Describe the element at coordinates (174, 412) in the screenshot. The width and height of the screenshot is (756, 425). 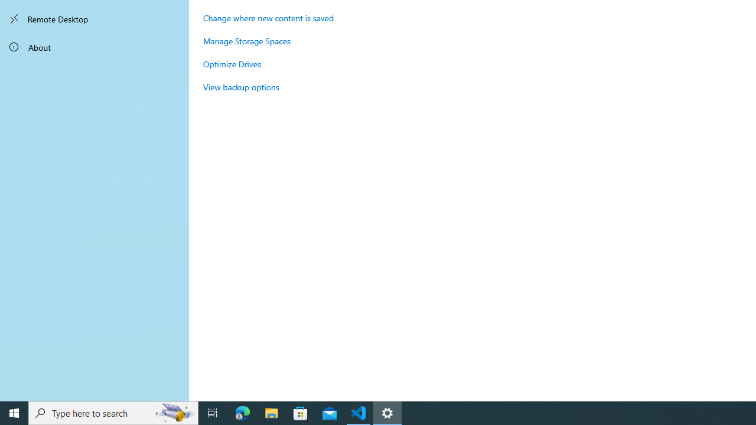
I see `'Search highlights icon opens search home window'` at that location.